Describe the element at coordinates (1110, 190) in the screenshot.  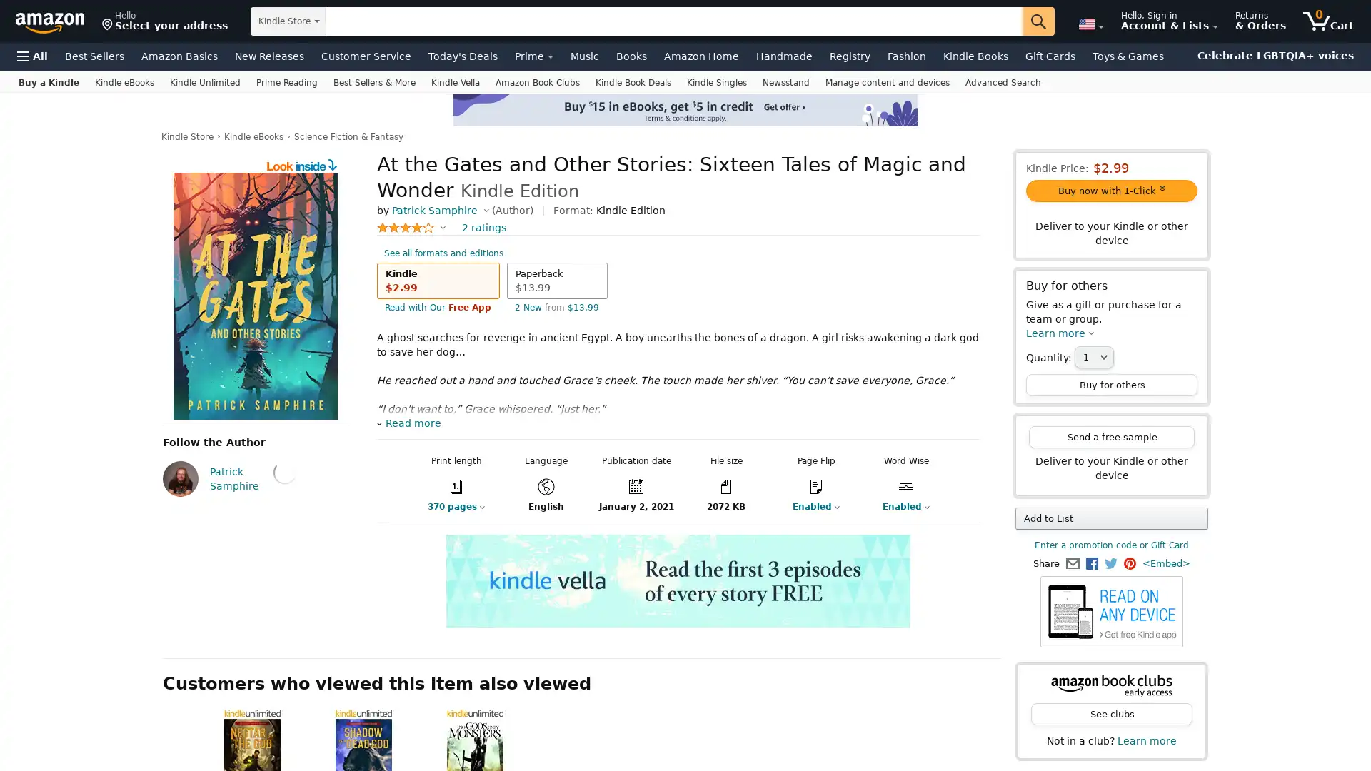
I see `Buy now with 1-Click` at that location.